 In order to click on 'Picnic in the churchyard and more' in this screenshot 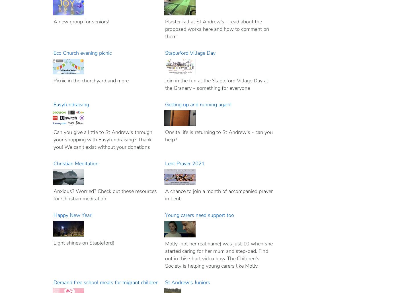, I will do `click(91, 81)`.